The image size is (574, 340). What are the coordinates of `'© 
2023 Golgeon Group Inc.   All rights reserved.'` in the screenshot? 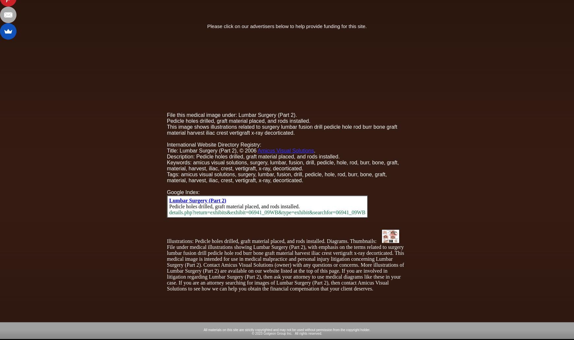 It's located at (287, 333).